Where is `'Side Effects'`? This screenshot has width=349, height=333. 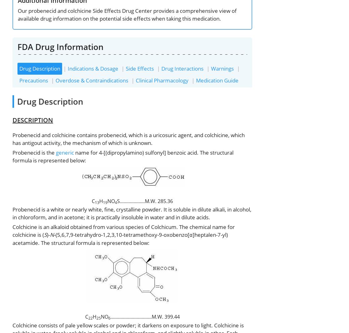 'Side Effects' is located at coordinates (139, 68).